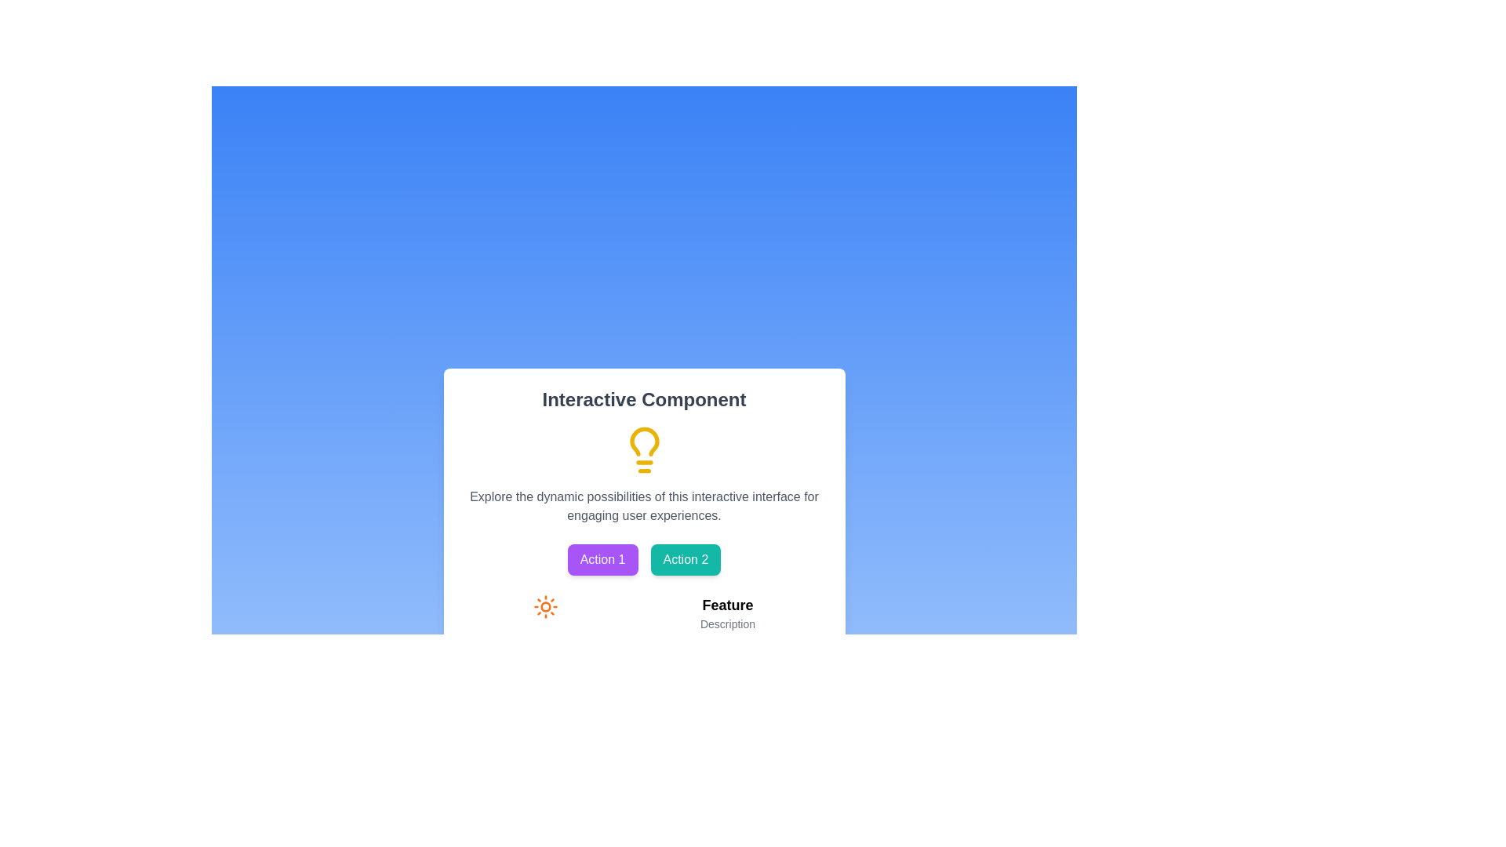 The width and height of the screenshot is (1506, 847). Describe the element at coordinates (726, 604) in the screenshot. I see `bold, larger-sized text element labeled 'Feature', located in the lower-right section of the interface, above the text 'Description'` at that location.